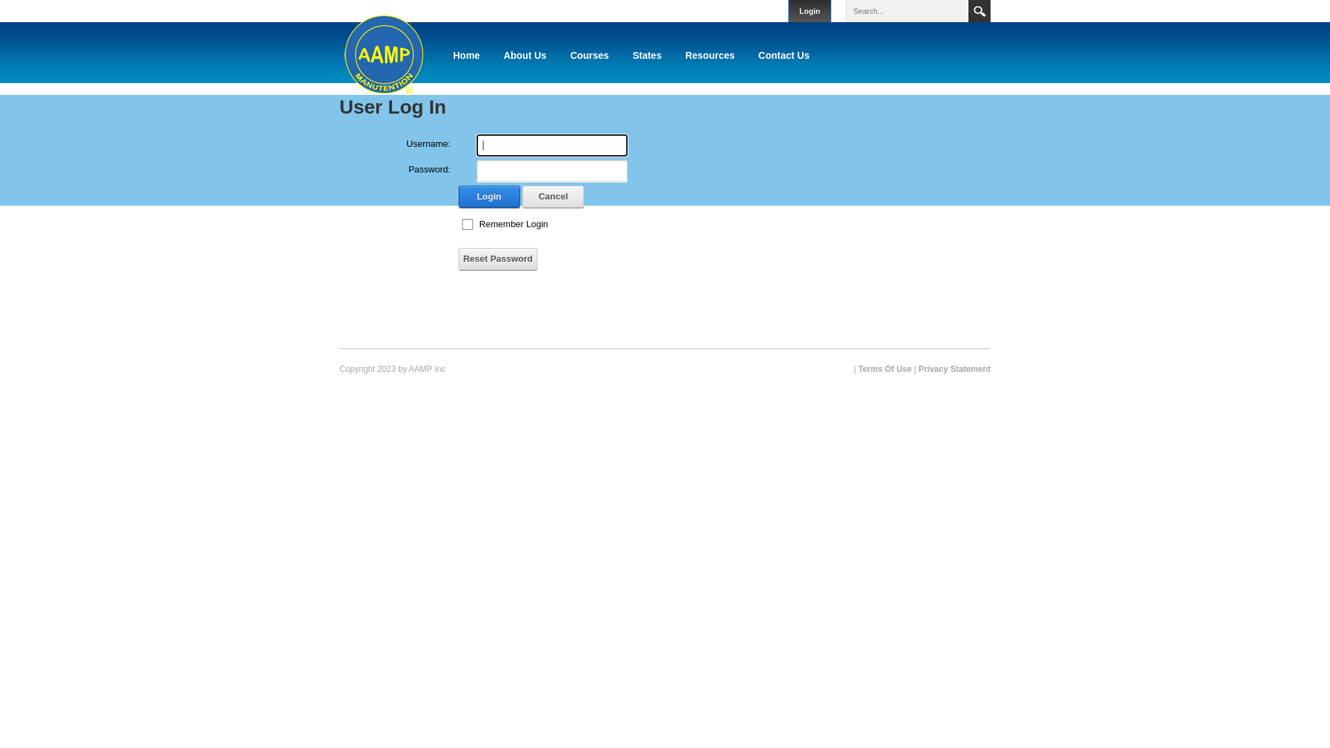 The width and height of the screenshot is (1330, 748). I want to click on 'Courses', so click(589, 55).